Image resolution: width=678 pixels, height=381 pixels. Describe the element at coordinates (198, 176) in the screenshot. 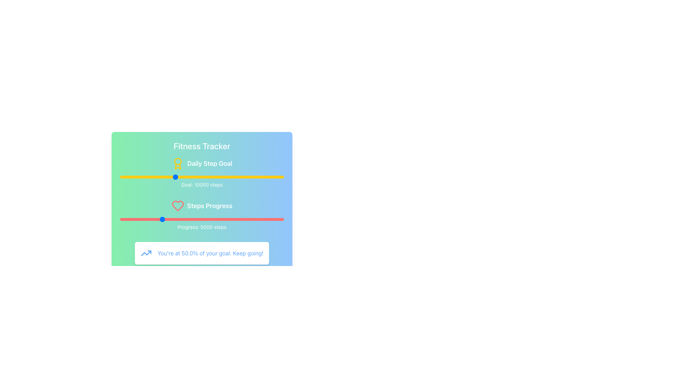

I see `the daily step goal` at that location.